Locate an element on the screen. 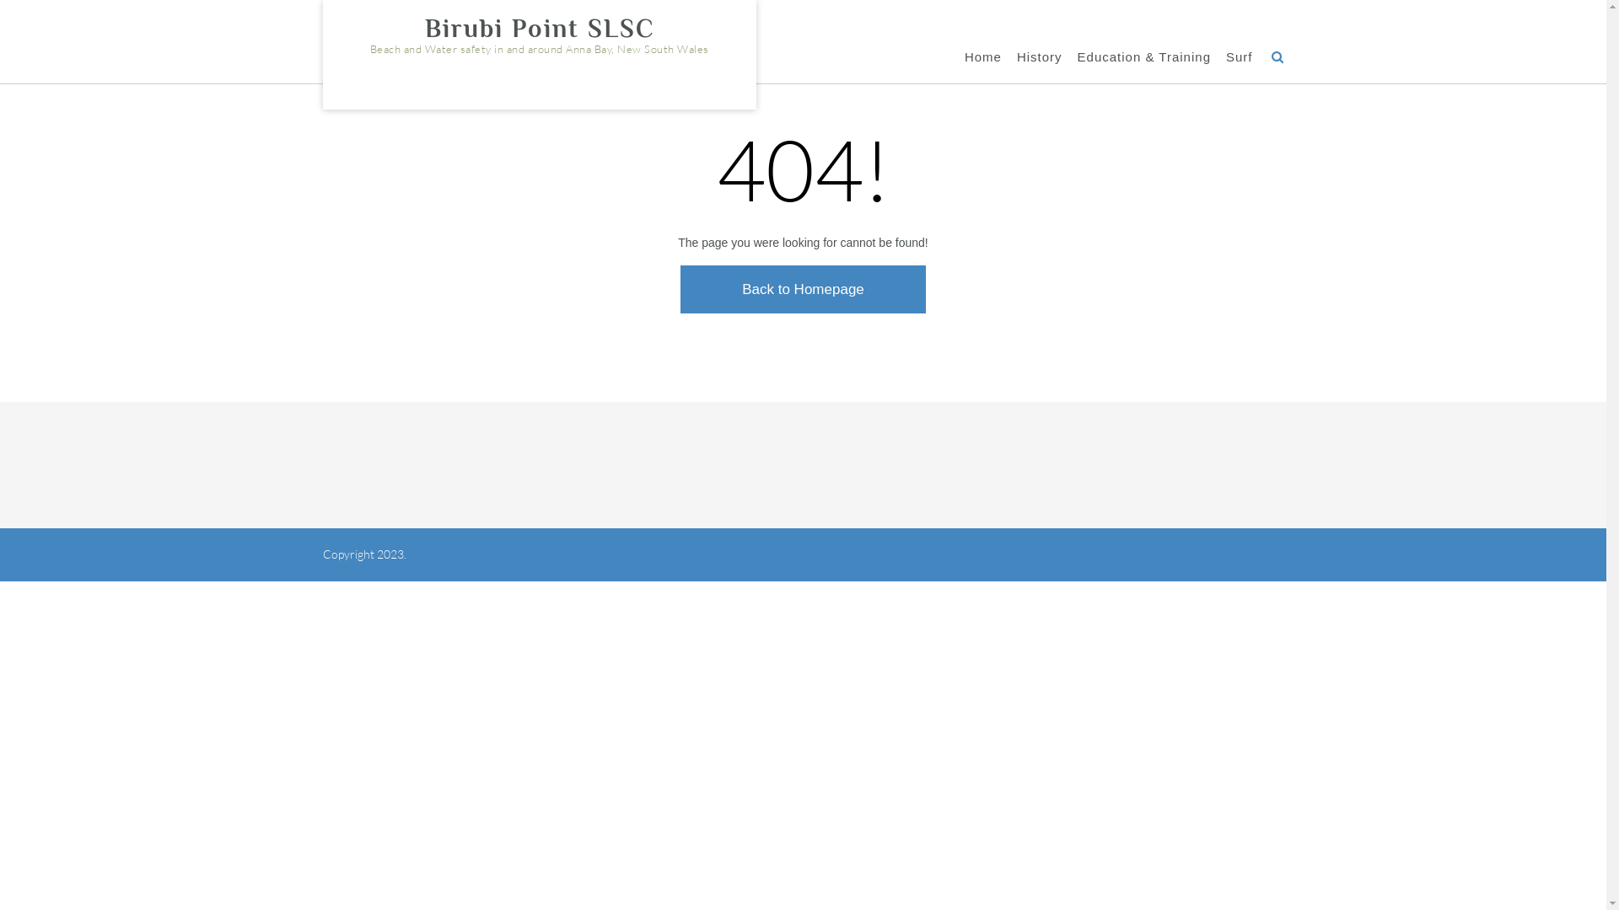 This screenshot has width=1619, height=910. 'Education & Training' is located at coordinates (1144, 56).